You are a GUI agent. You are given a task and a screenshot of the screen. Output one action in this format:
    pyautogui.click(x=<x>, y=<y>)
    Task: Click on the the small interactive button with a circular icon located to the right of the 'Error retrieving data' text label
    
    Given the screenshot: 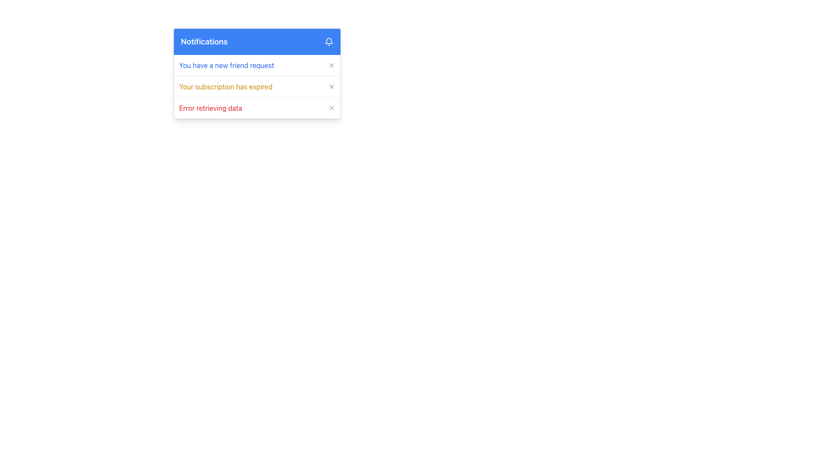 What is the action you would take?
    pyautogui.click(x=331, y=107)
    